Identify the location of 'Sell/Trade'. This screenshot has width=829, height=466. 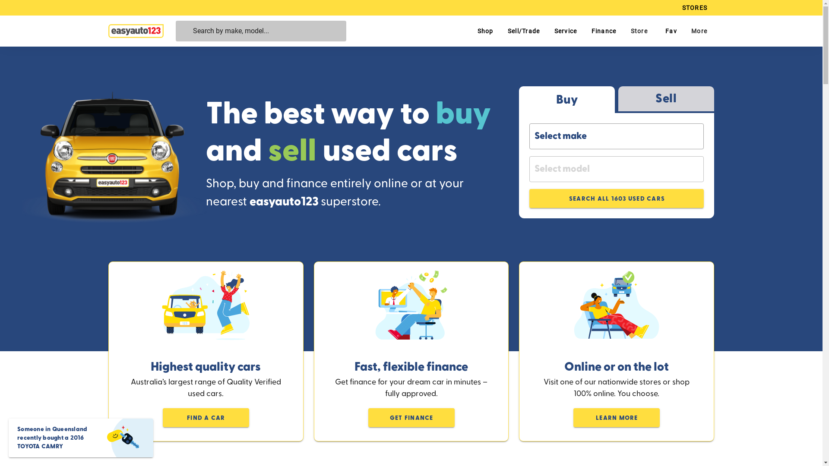
(523, 31).